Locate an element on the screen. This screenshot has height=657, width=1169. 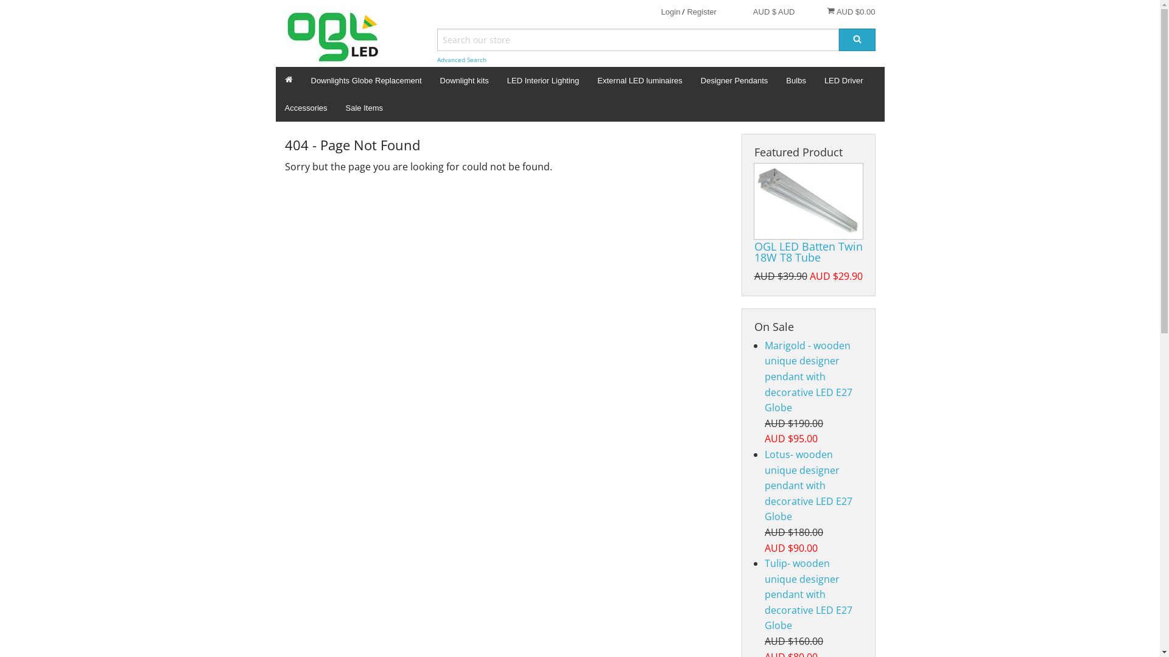
'Downlights Globe Replacement' is located at coordinates (365, 80).